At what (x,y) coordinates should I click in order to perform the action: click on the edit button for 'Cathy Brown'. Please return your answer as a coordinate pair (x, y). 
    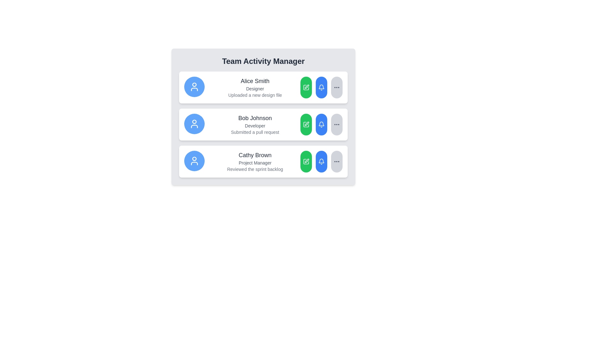
    Looking at the image, I should click on (306, 161).